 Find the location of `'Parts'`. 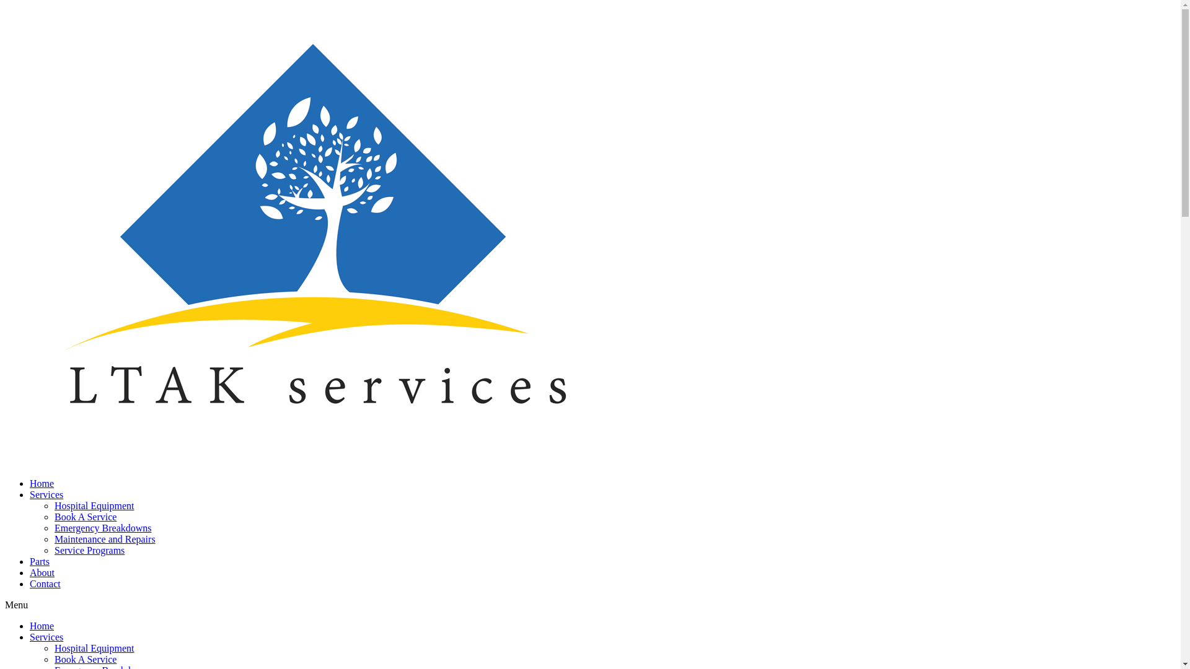

'Parts' is located at coordinates (39, 561).